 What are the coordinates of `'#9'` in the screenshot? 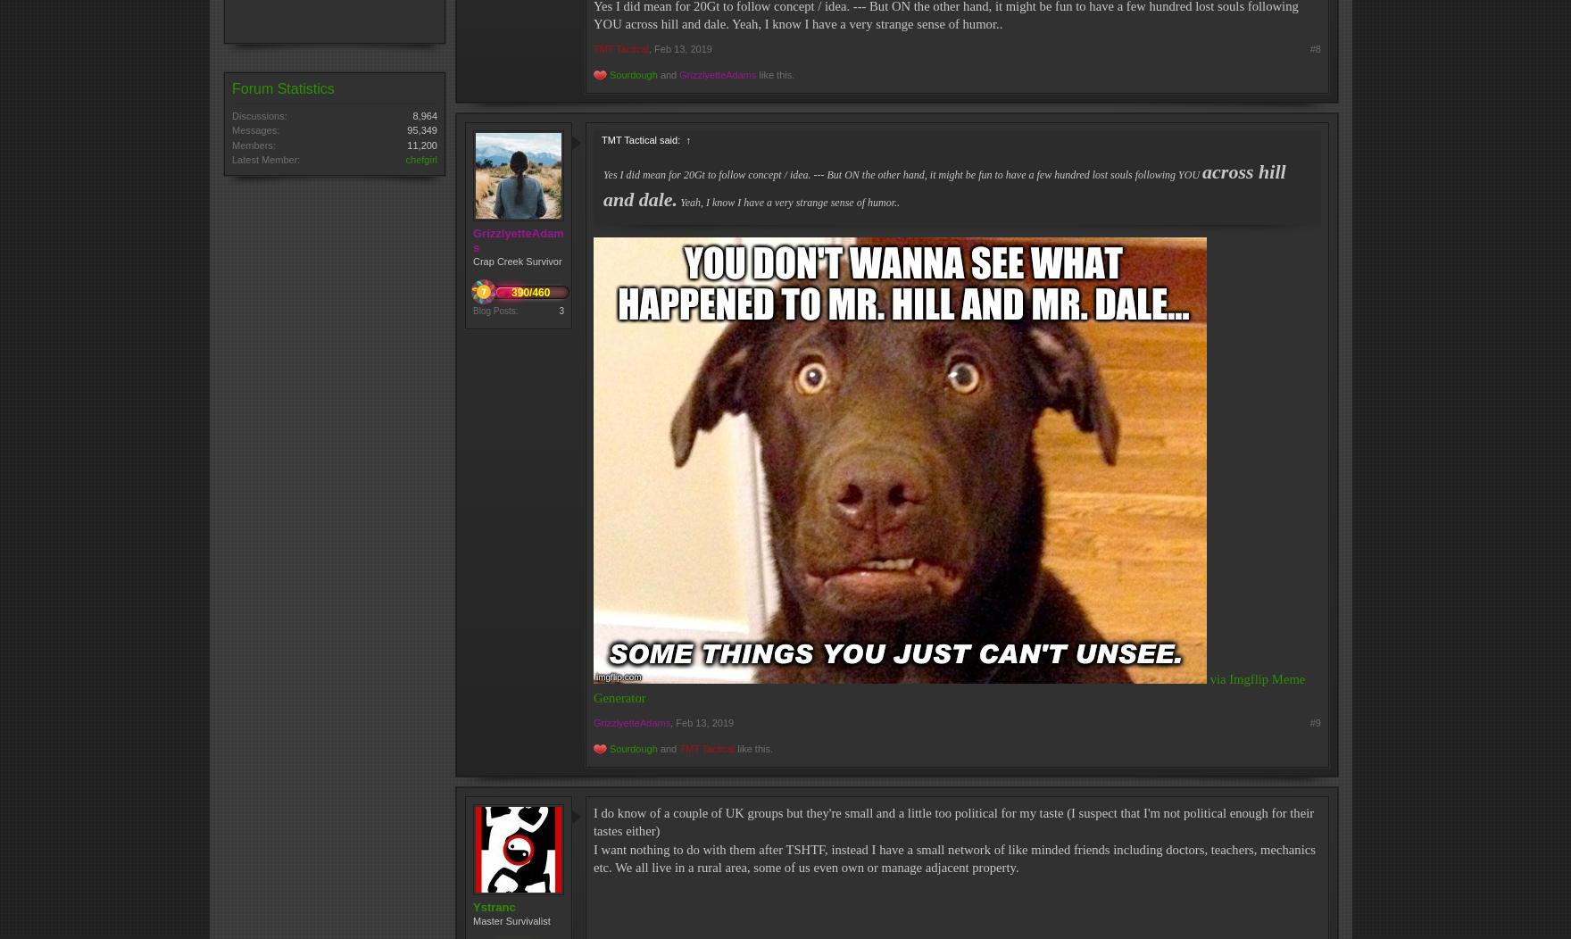 It's located at (1309, 721).